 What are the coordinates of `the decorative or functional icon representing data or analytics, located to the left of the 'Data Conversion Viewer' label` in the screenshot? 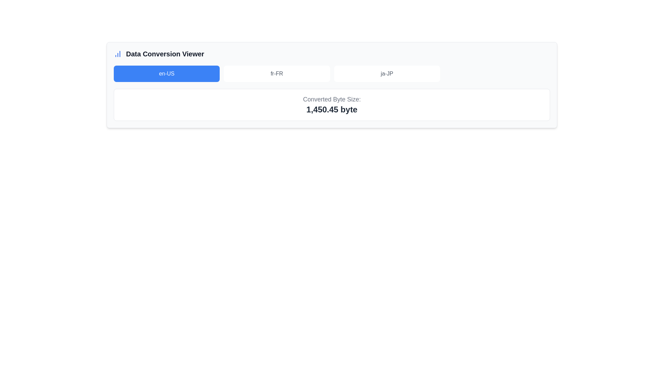 It's located at (118, 54).